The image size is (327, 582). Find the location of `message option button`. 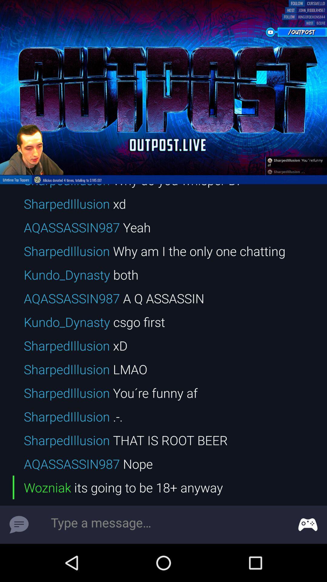

message option button is located at coordinates (308, 524).